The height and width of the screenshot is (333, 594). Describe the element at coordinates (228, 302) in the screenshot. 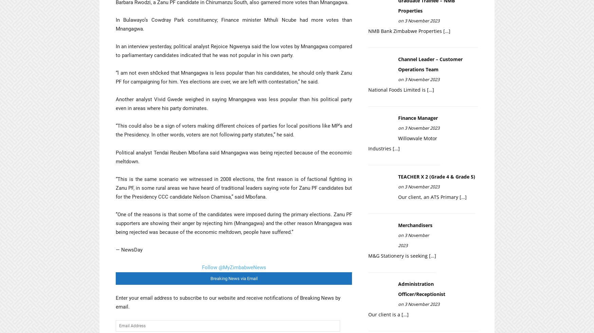

I see `'Enter your email address to subscribe to our website and receive notifications of Breaking News by email.'` at that location.